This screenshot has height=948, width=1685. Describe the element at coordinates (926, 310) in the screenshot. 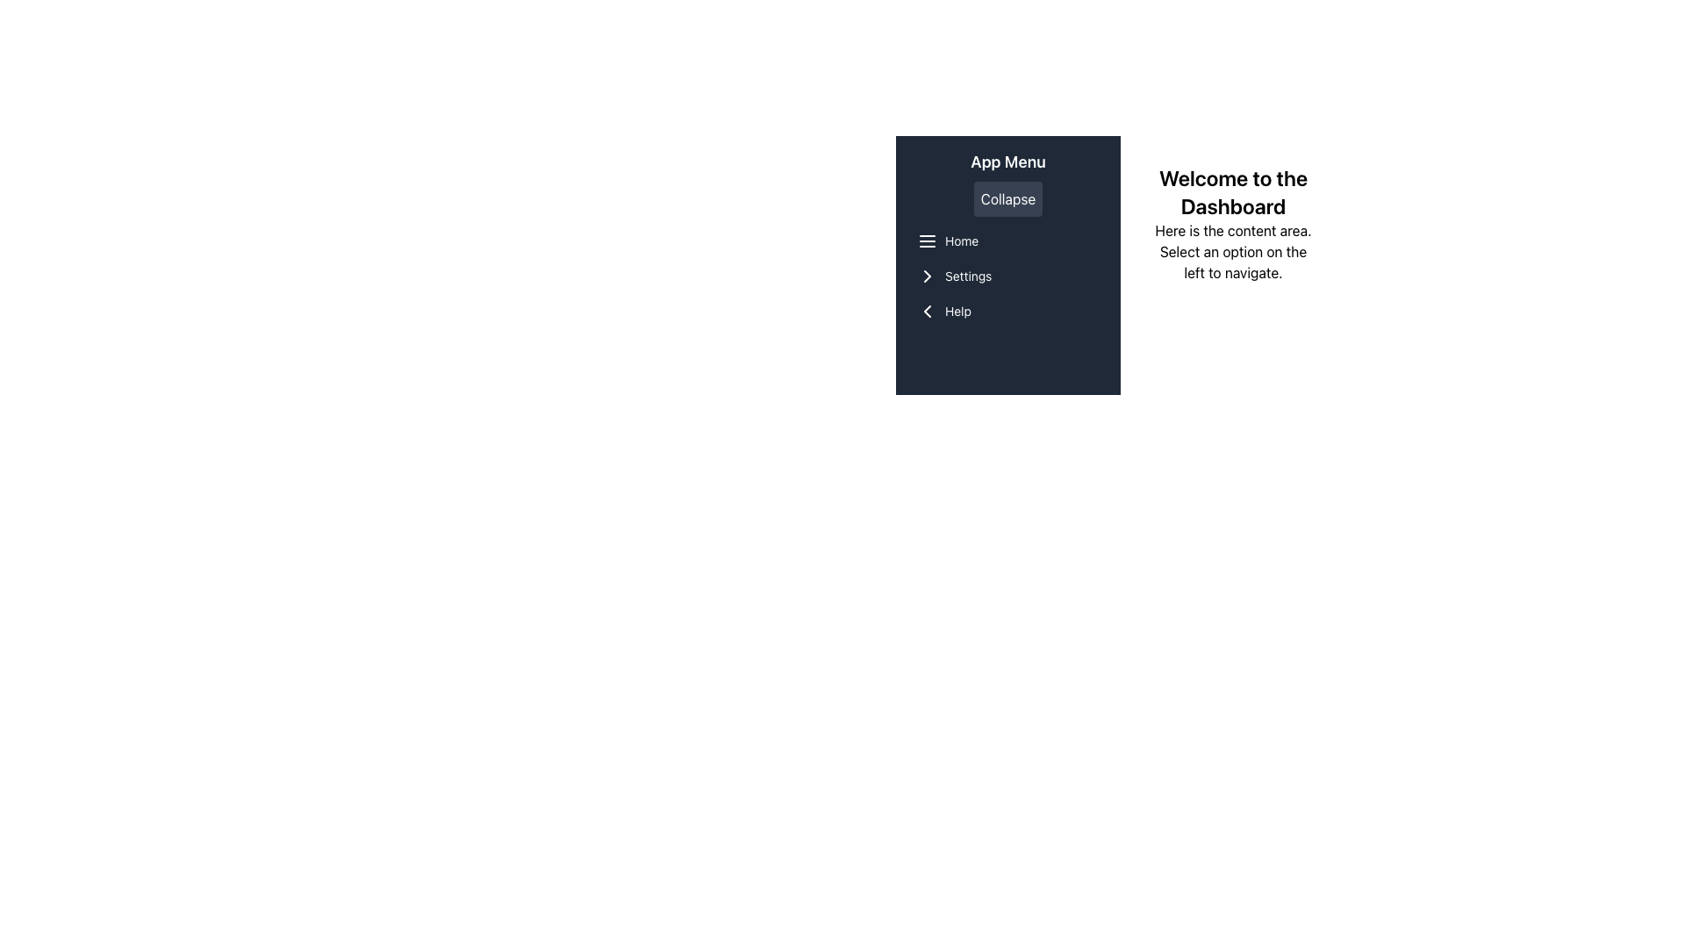

I see `the chevron icon located in the sidebar section of the dark-themed navigation menu to interact with the navigation functionality` at that location.